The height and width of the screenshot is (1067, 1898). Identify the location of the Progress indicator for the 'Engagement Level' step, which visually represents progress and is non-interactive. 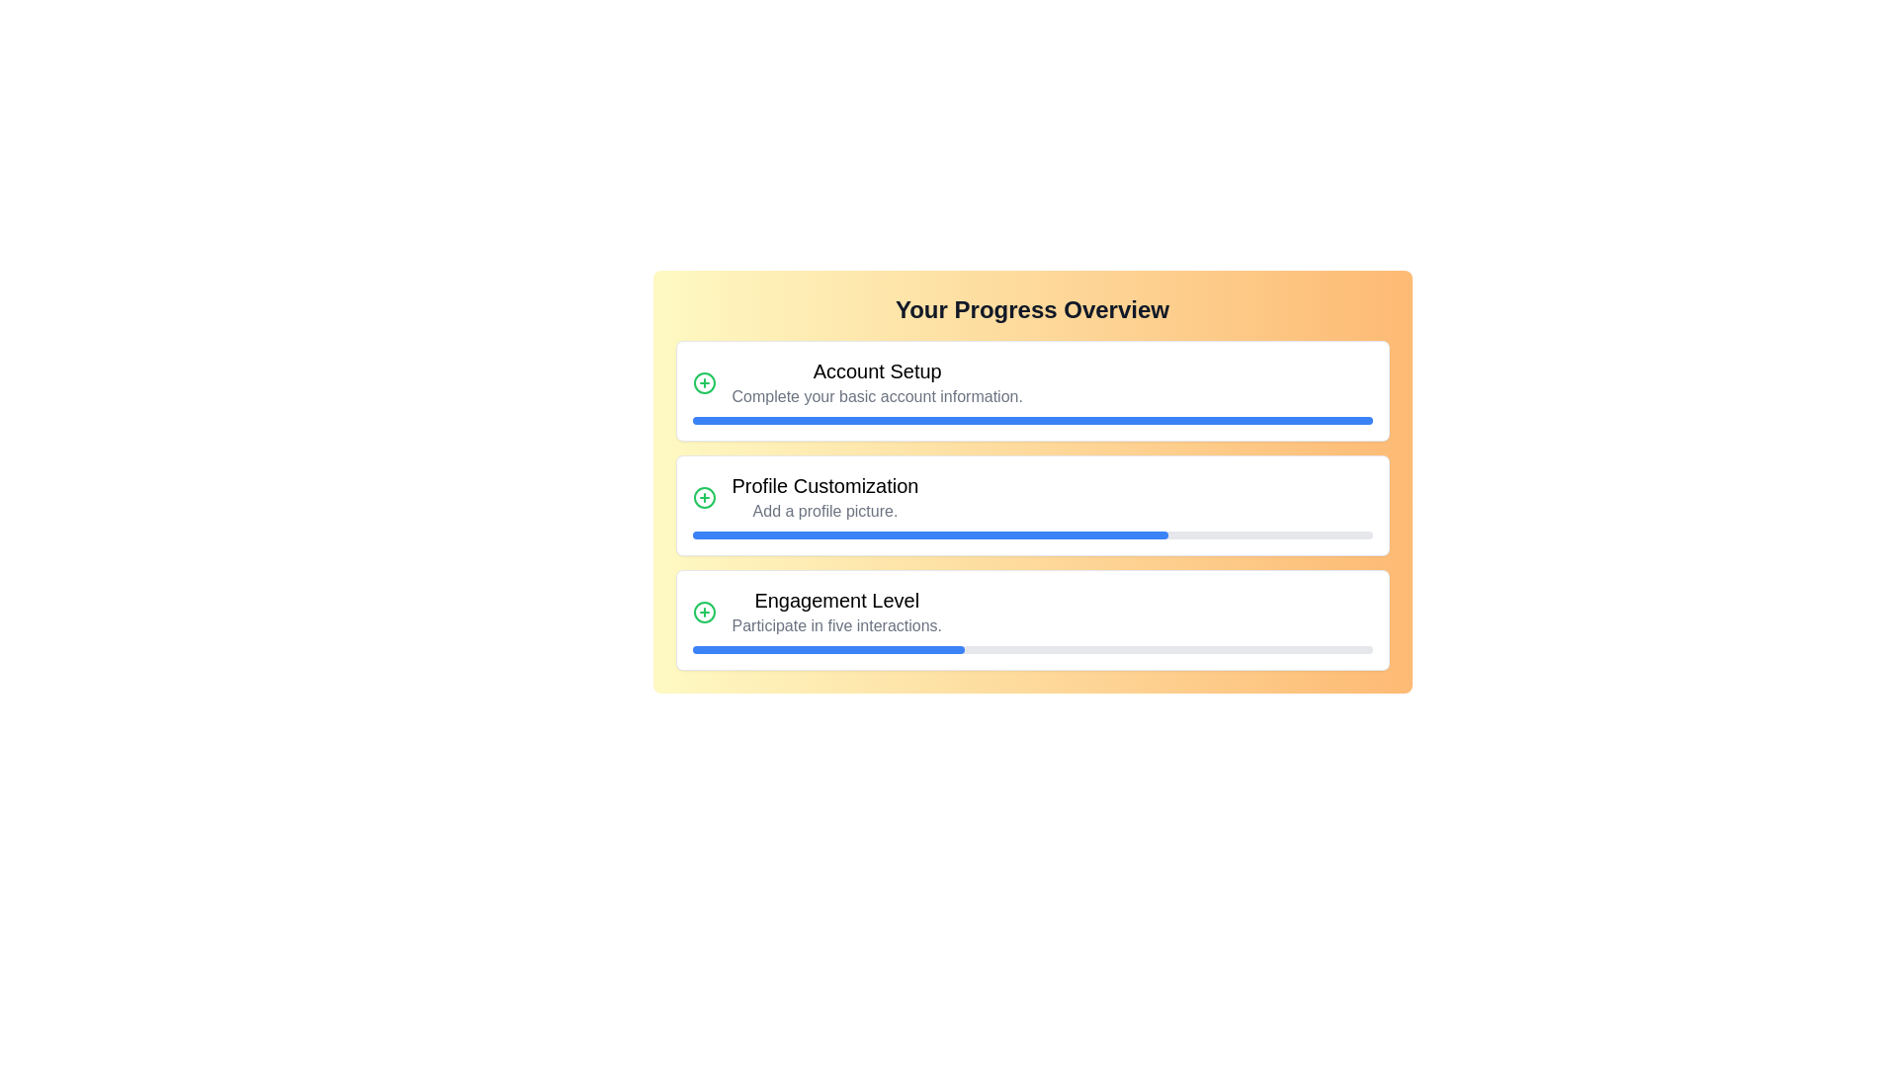
(828, 650).